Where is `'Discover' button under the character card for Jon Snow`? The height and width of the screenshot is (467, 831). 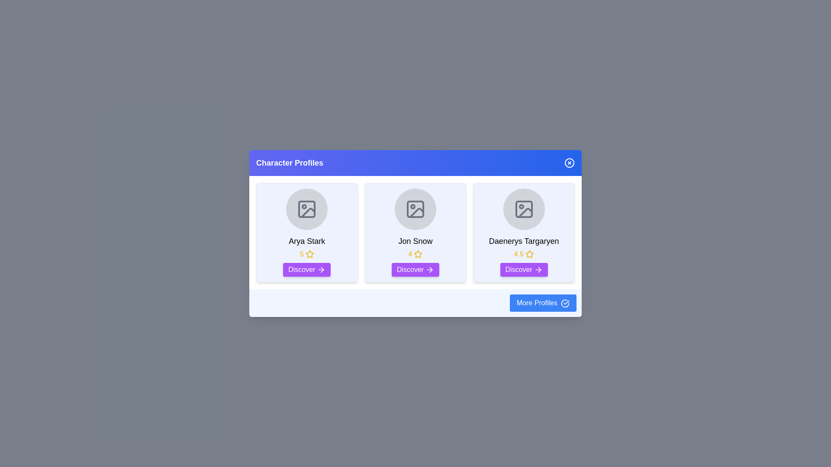 'Discover' button under the character card for Jon Snow is located at coordinates (415, 269).